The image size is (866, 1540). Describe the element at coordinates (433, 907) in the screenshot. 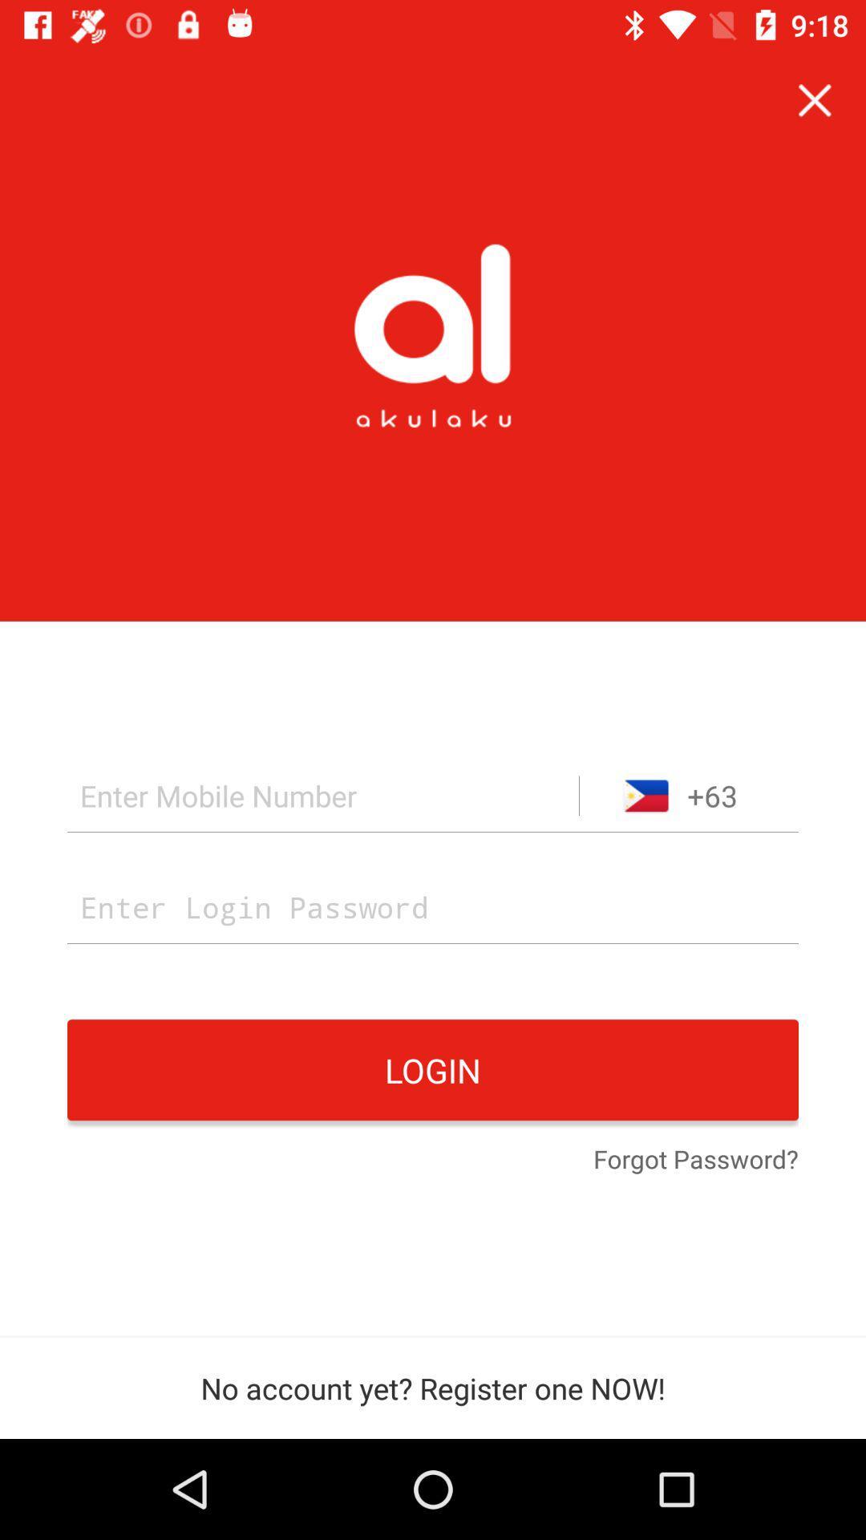

I see `your password` at that location.